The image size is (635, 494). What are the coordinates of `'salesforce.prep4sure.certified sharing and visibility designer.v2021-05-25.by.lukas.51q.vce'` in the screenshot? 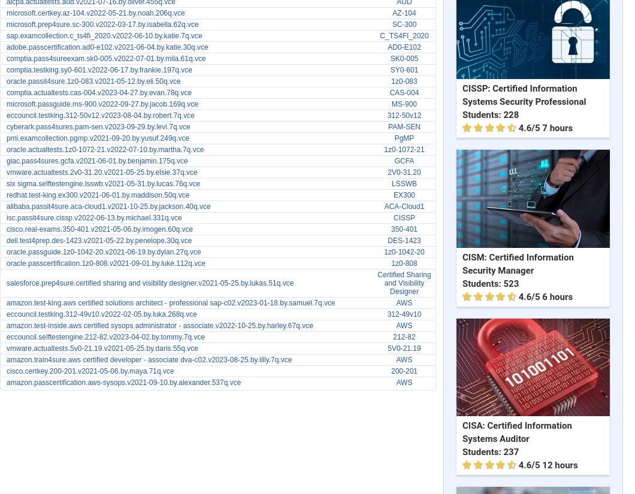 It's located at (149, 282).